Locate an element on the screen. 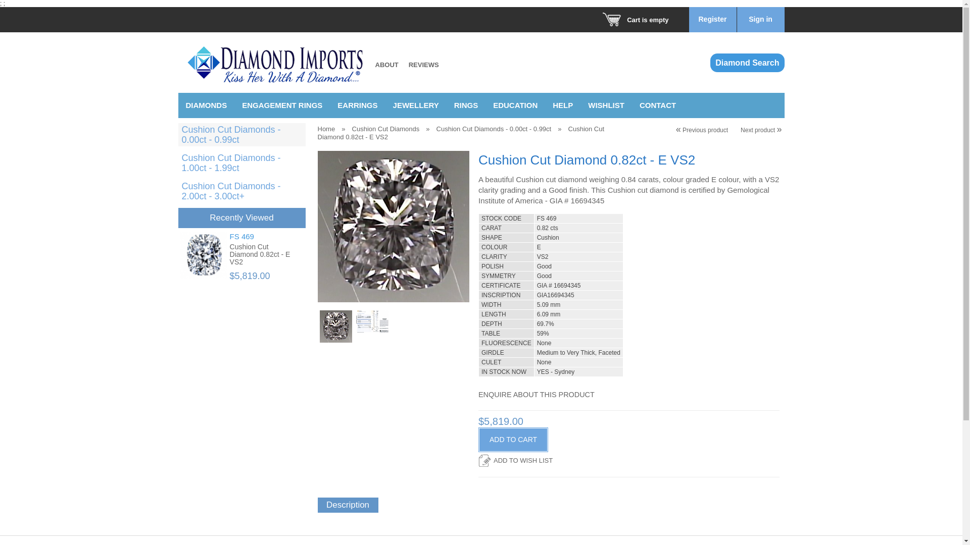  'Cushion Cut Diamond 0.82ct E VS2' is located at coordinates (335, 326).